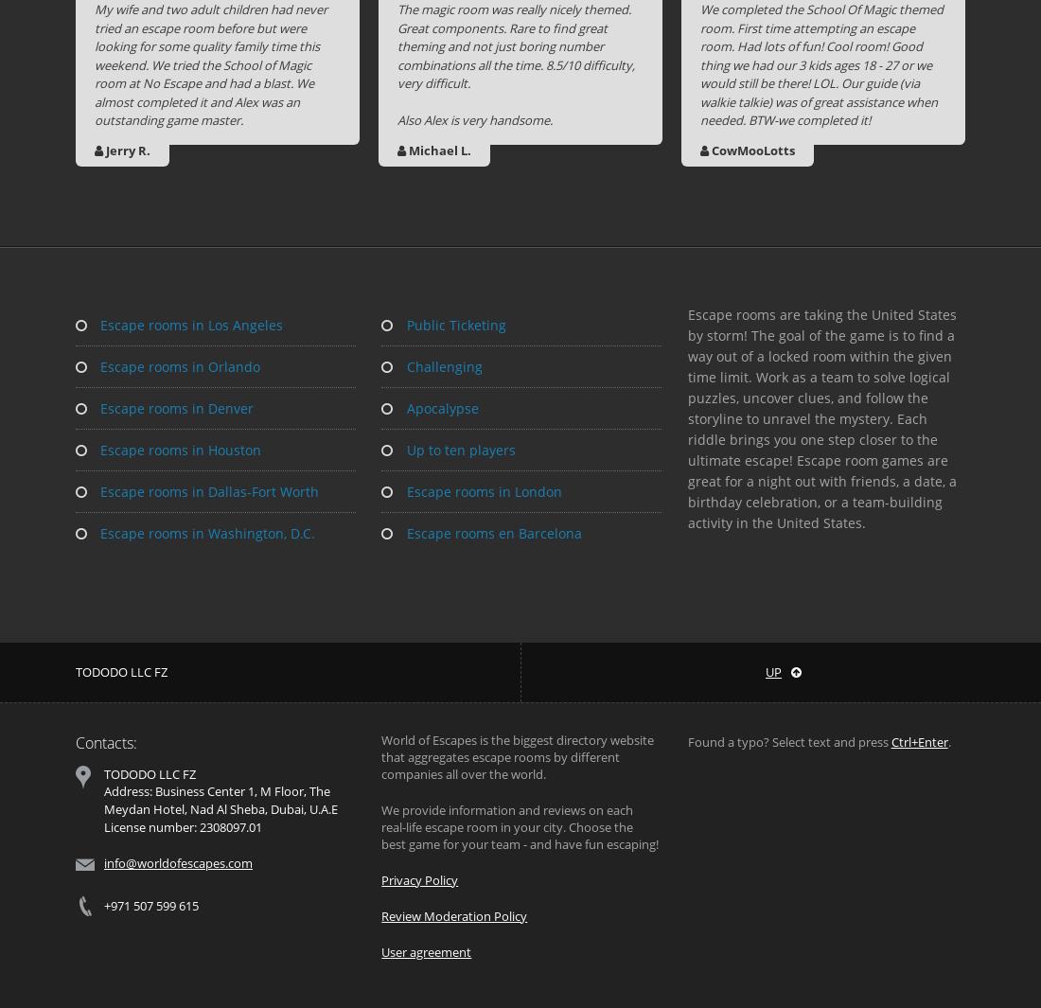  What do you see at coordinates (150, 905) in the screenshot?
I see `'+971 507 599 615'` at bounding box center [150, 905].